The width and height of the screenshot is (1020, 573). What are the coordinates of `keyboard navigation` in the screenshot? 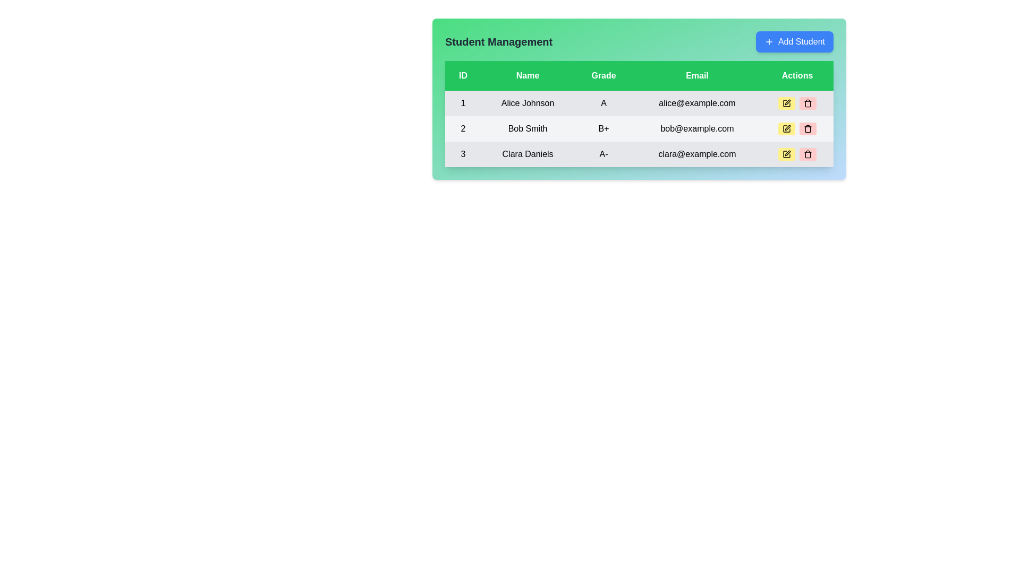 It's located at (794, 41).